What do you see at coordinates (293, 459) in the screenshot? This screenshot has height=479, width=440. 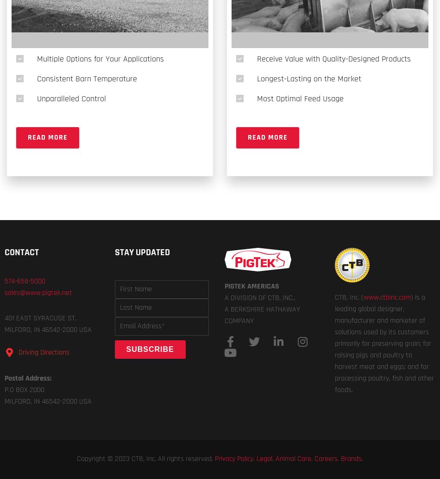 I see `'Animal Care'` at bounding box center [293, 459].